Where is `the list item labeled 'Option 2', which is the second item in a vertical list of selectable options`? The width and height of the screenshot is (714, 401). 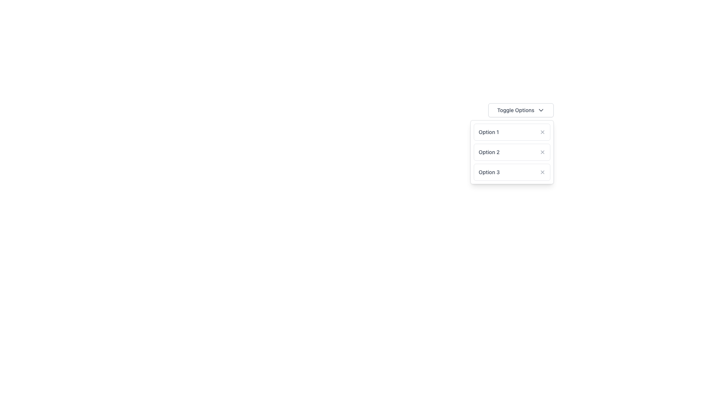 the list item labeled 'Option 2', which is the second item in a vertical list of selectable options is located at coordinates (512, 151).